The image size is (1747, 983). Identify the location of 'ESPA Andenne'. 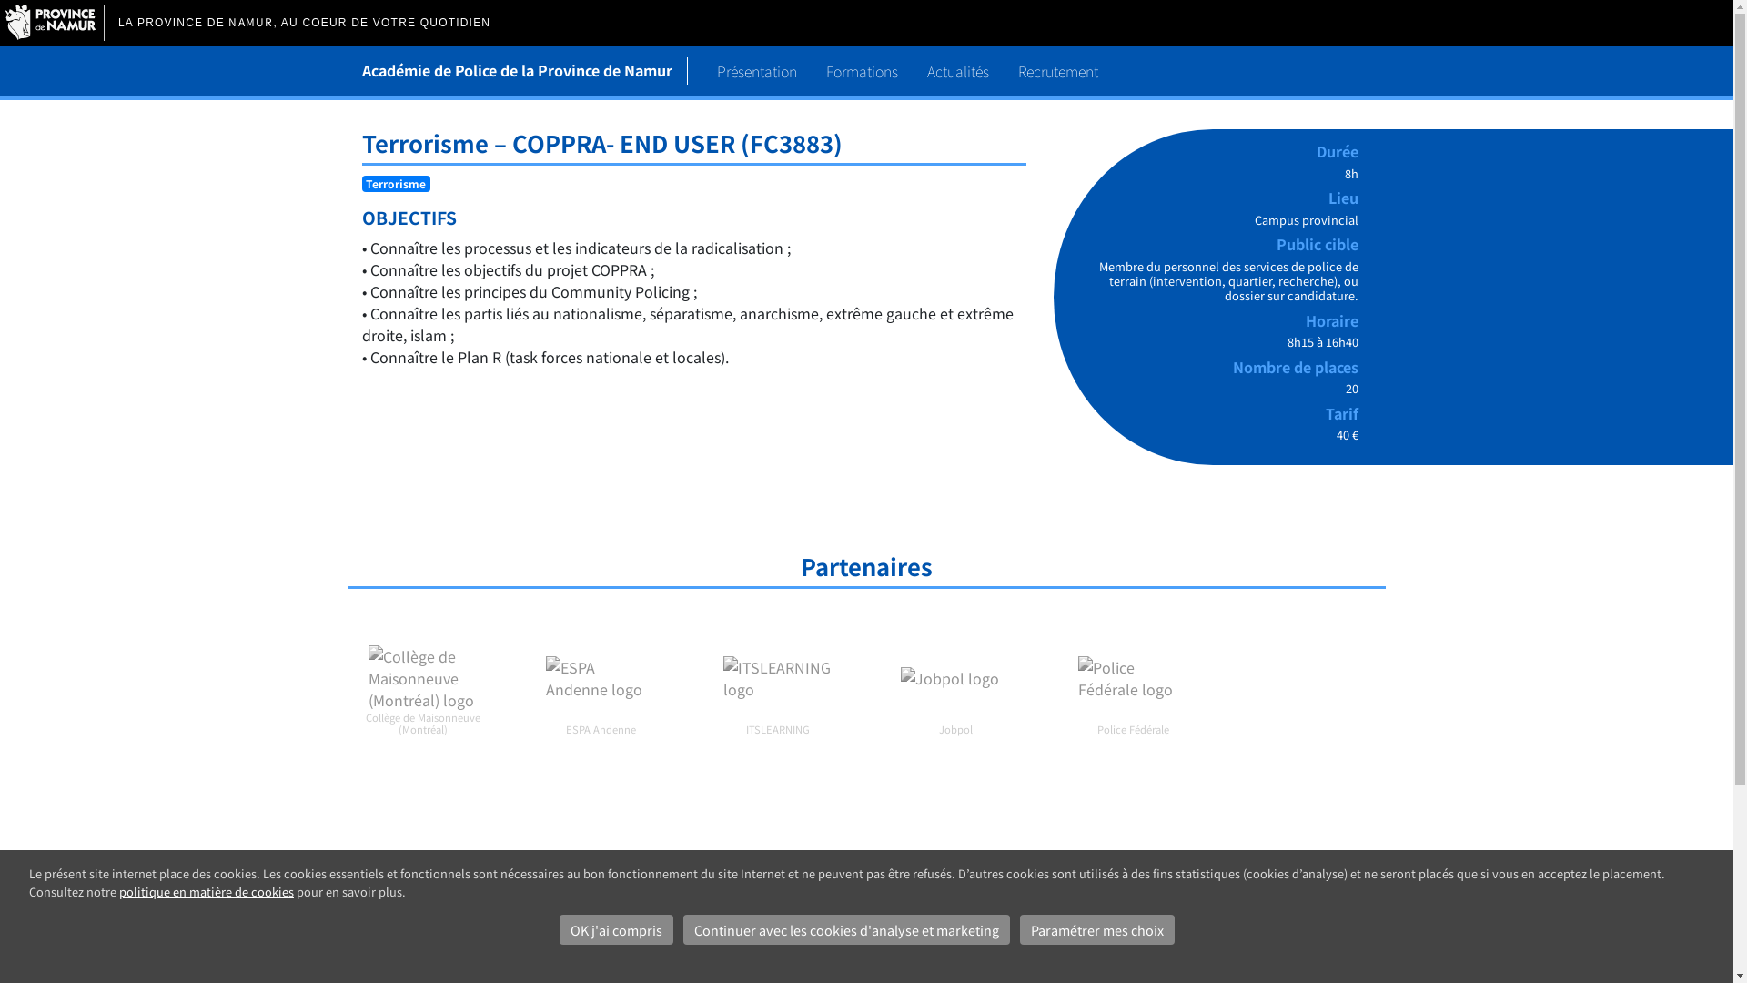
(601, 678).